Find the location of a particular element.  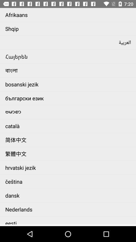

afrikaans app is located at coordinates (69, 14).